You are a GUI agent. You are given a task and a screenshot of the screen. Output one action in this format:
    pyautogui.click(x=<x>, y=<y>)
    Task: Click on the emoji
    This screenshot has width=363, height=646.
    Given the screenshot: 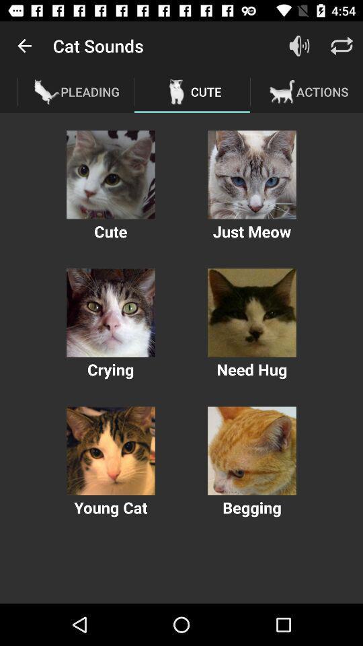 What is the action you would take?
    pyautogui.click(x=251, y=174)
    